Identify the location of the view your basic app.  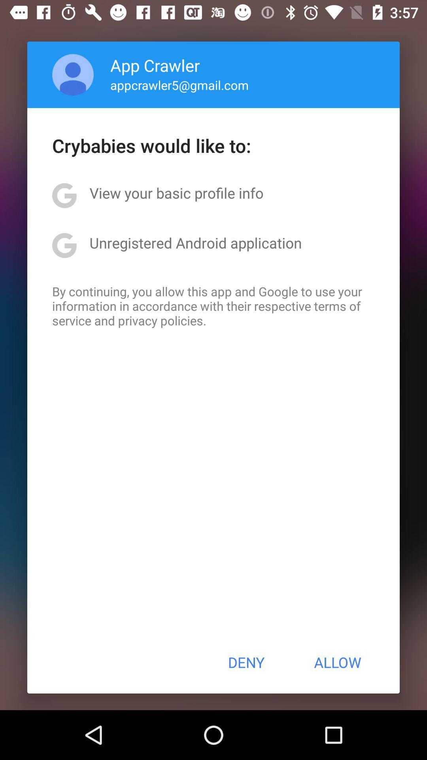
(176, 193).